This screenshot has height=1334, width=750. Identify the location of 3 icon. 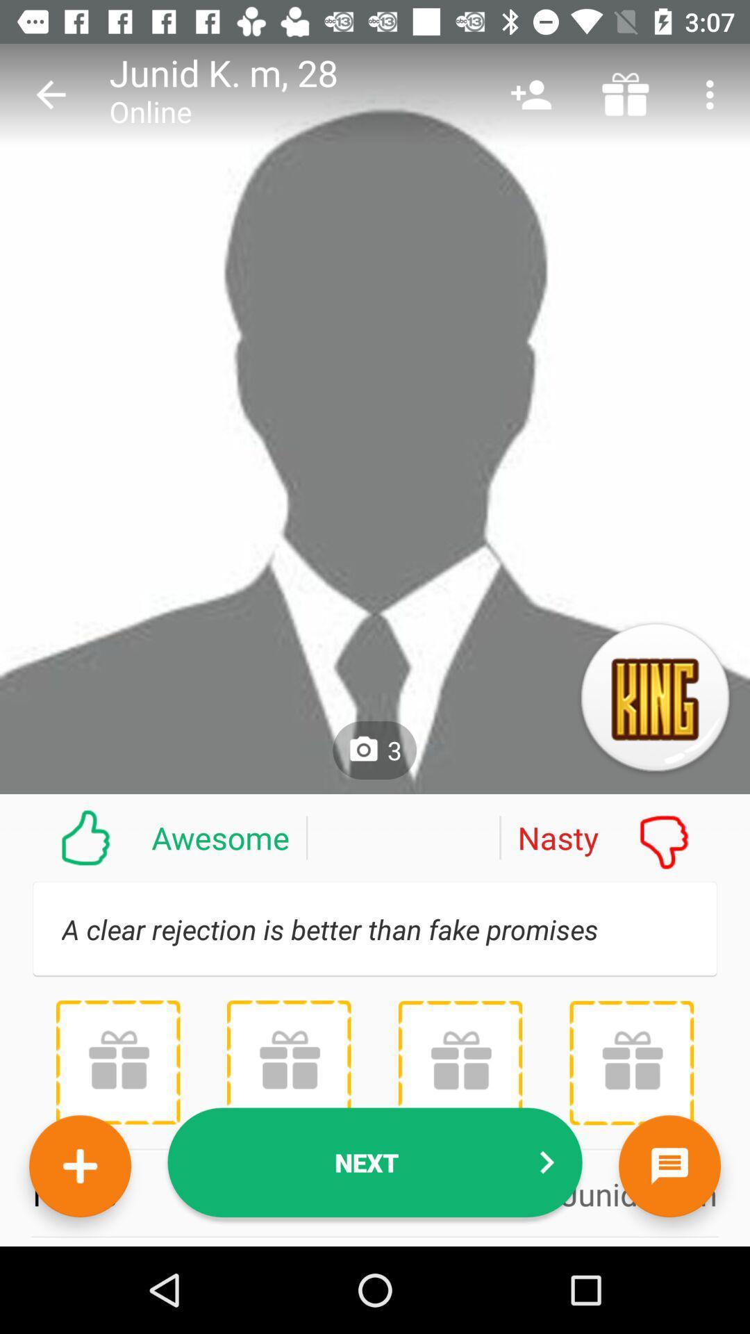
(374, 750).